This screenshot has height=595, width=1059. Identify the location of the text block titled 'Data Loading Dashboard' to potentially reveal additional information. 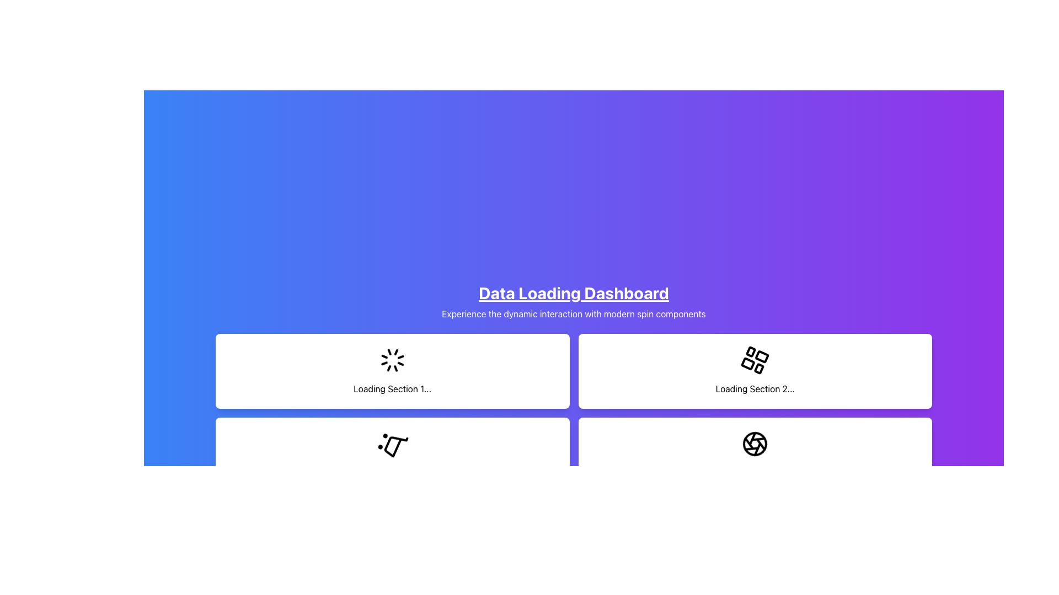
(574, 301).